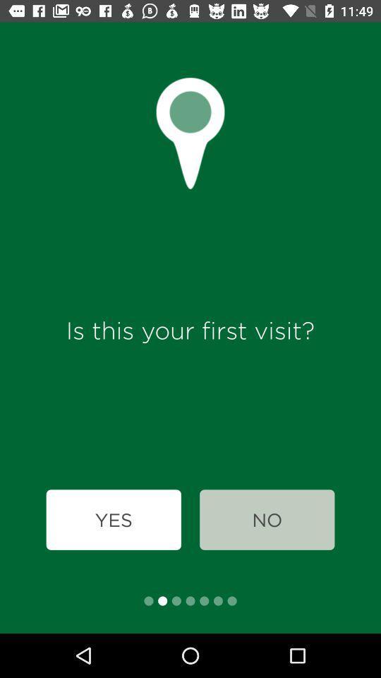  I want to click on the icon at the bottom left corner, so click(113, 519).